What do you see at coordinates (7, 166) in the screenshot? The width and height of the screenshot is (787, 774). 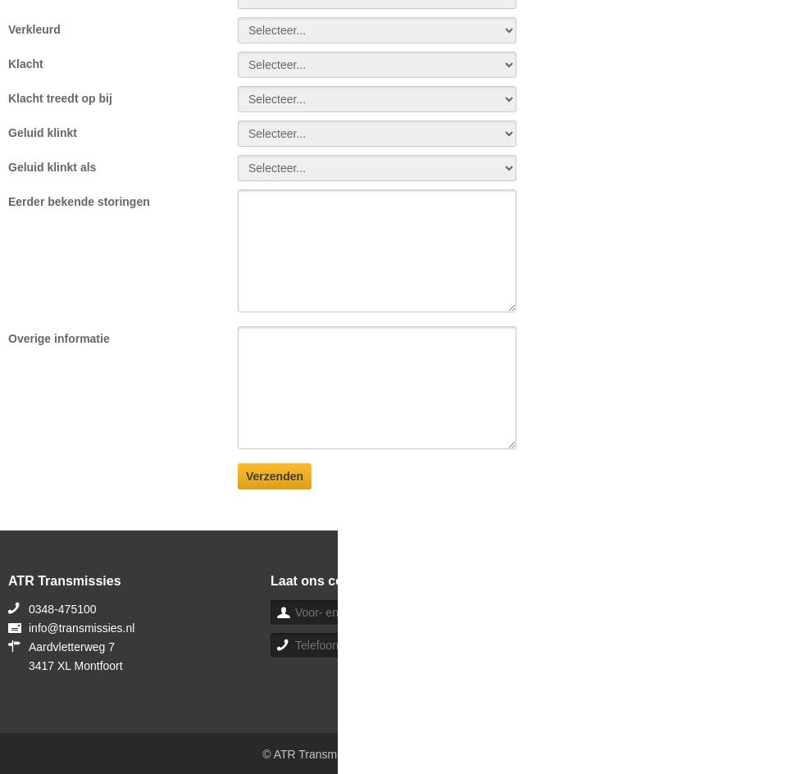 I see `'Geluid klinkt als'` at bounding box center [7, 166].